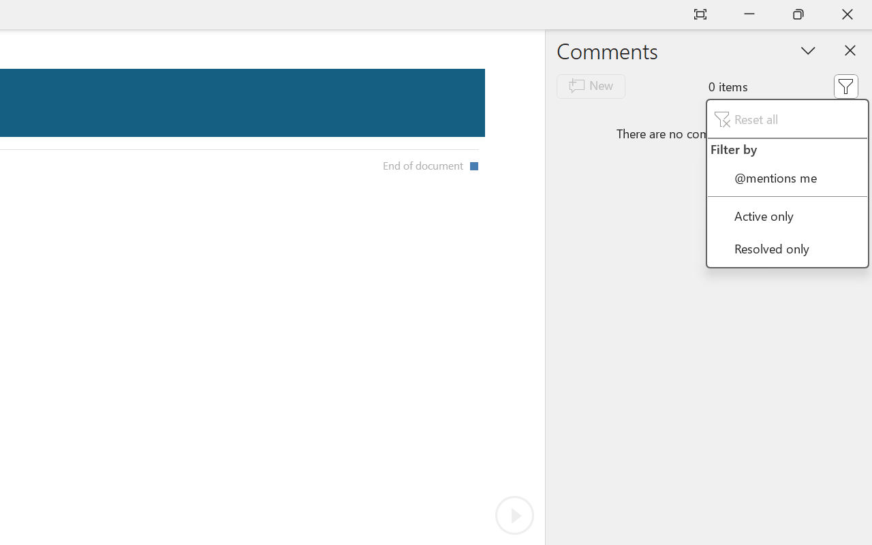 The height and width of the screenshot is (545, 872). Describe the element at coordinates (787, 215) in the screenshot. I see `'Active only'` at that location.